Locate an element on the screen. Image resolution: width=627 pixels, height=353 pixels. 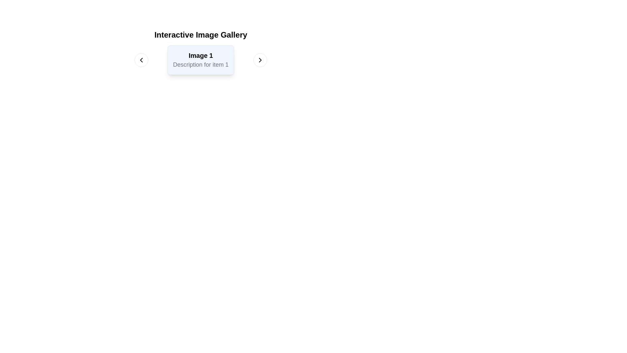
the Informational card which has a soft blue background, rounded corners, and contains the text 'Image 1' in bold and 'Description for item 1' below it is located at coordinates (200, 60).